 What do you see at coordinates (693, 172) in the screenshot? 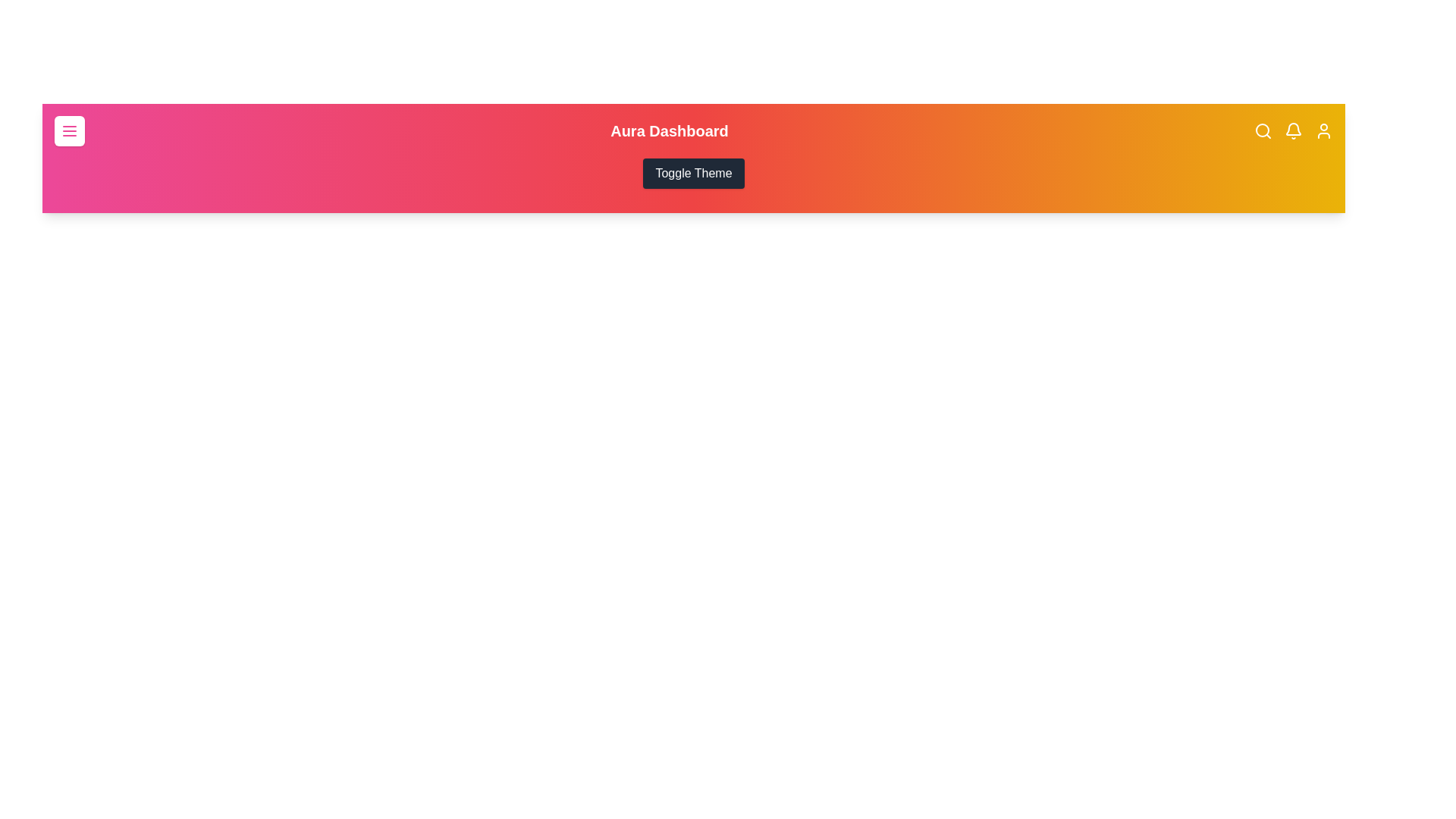
I see `the 'Toggle Theme' button to switch the theme` at bounding box center [693, 172].